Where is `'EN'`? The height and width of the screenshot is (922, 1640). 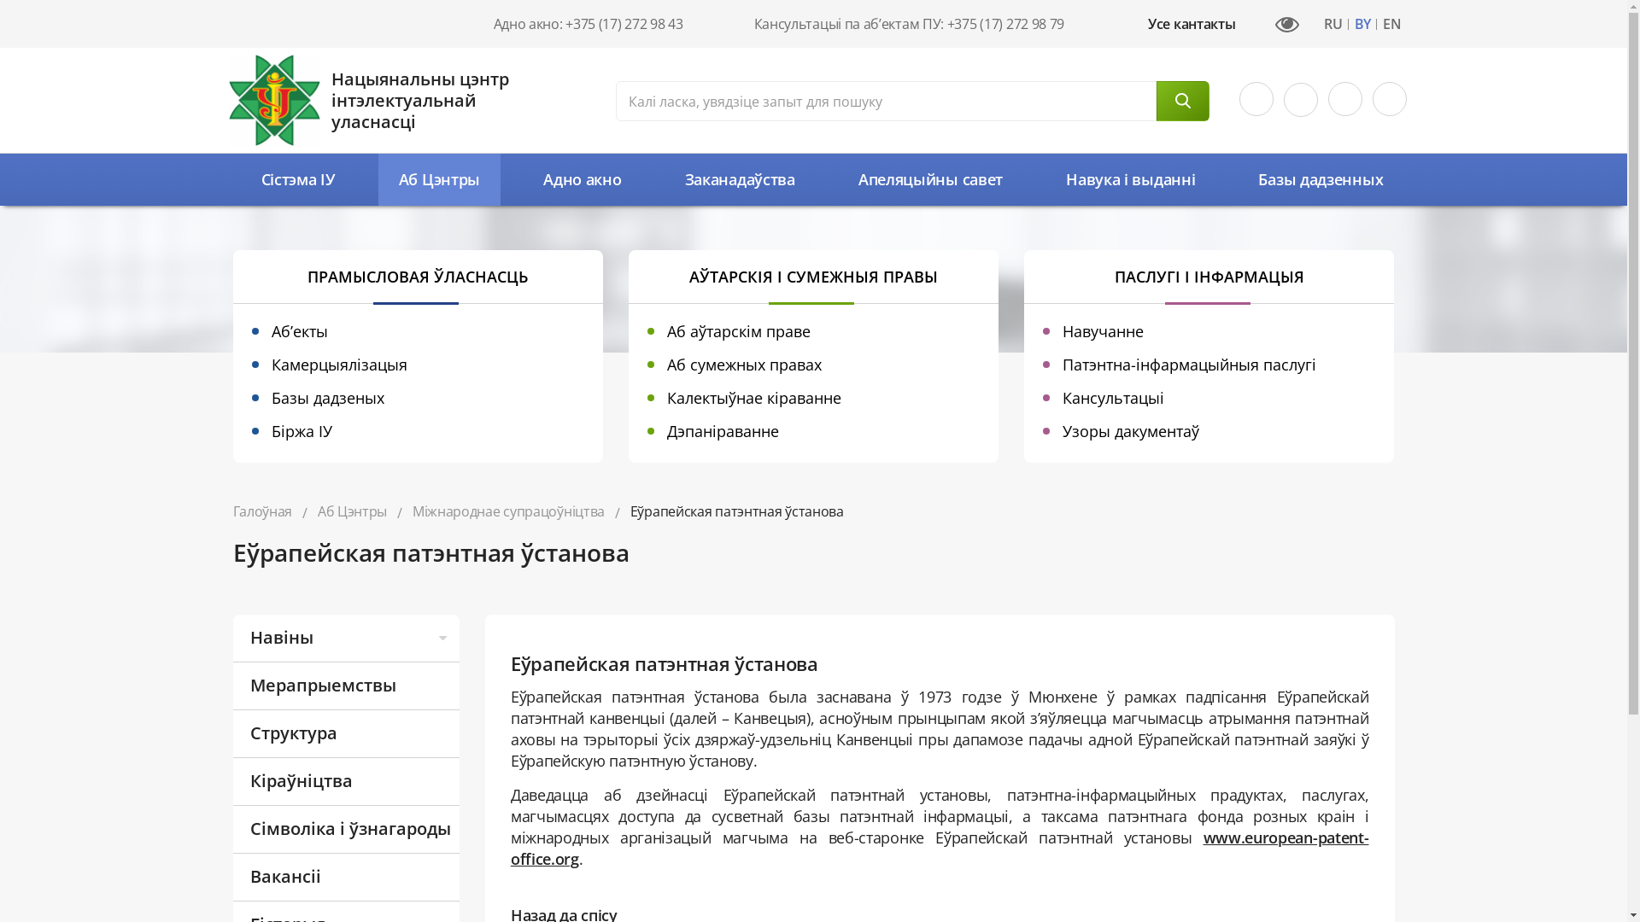
'EN' is located at coordinates (1377, 25).